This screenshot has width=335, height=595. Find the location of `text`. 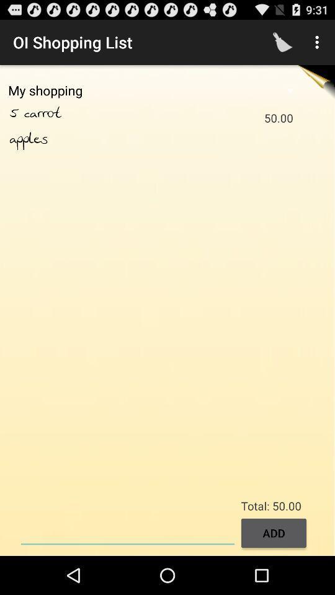

text is located at coordinates (127, 531).